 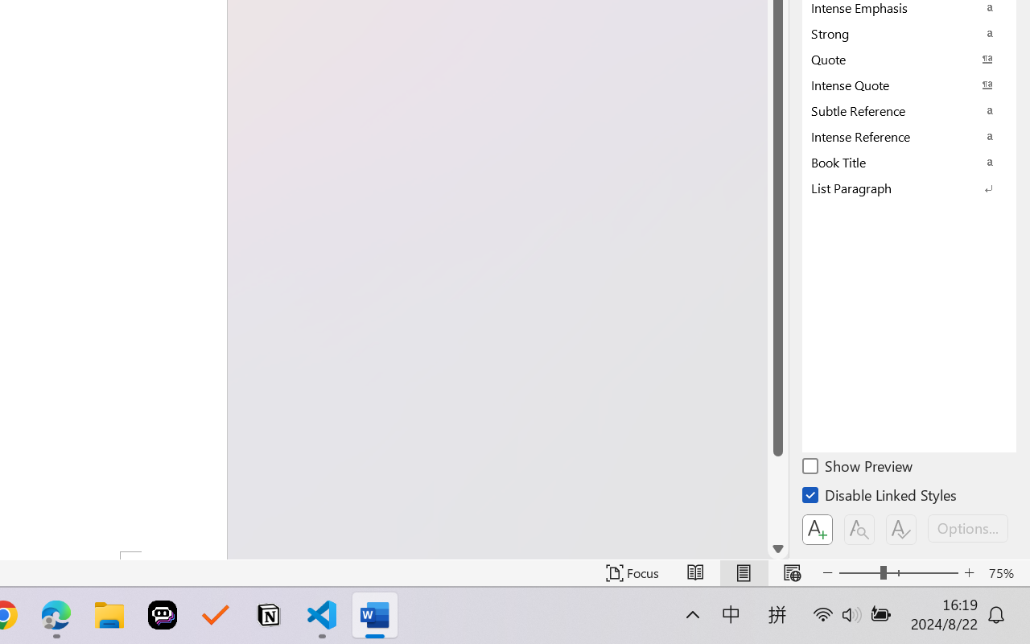 What do you see at coordinates (858, 468) in the screenshot?
I see `'Show Preview'` at bounding box center [858, 468].